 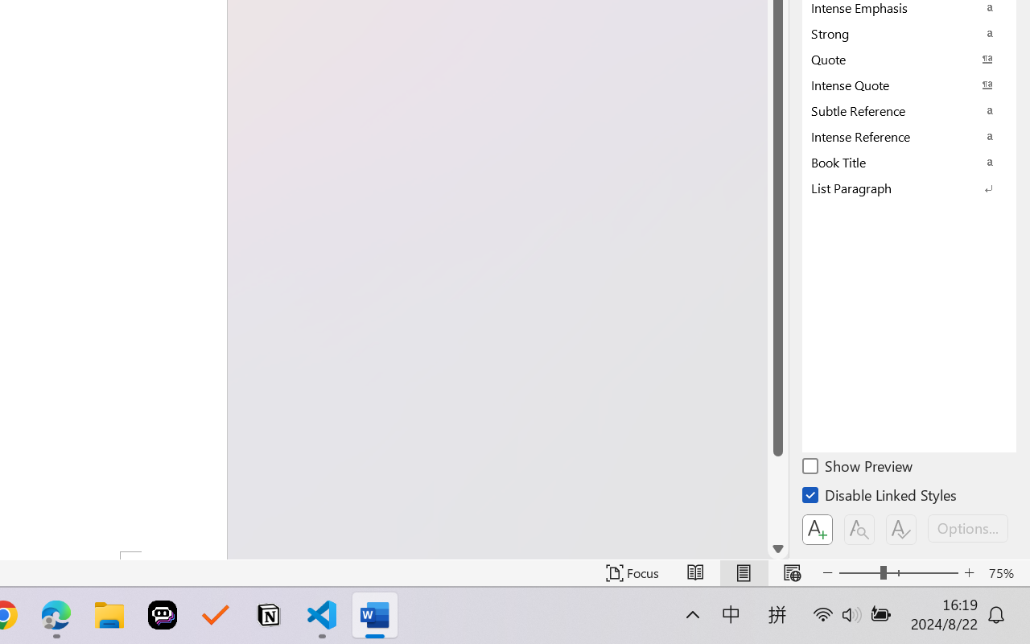 What do you see at coordinates (858, 468) in the screenshot?
I see `'Show Preview'` at bounding box center [858, 468].